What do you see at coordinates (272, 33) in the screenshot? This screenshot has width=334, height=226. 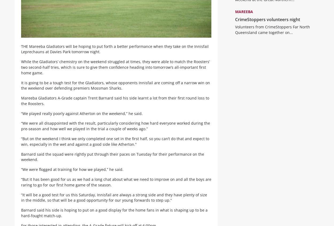 I see `'Volunteers from CrimeStoppers Far North Queensland came together on...'` at bounding box center [272, 33].